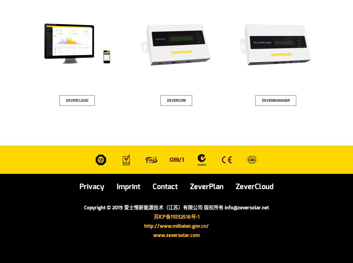 Image resolution: width=353 pixels, height=263 pixels. Describe the element at coordinates (246, 207) in the screenshot. I see `'info@zeversolar.net'` at that location.